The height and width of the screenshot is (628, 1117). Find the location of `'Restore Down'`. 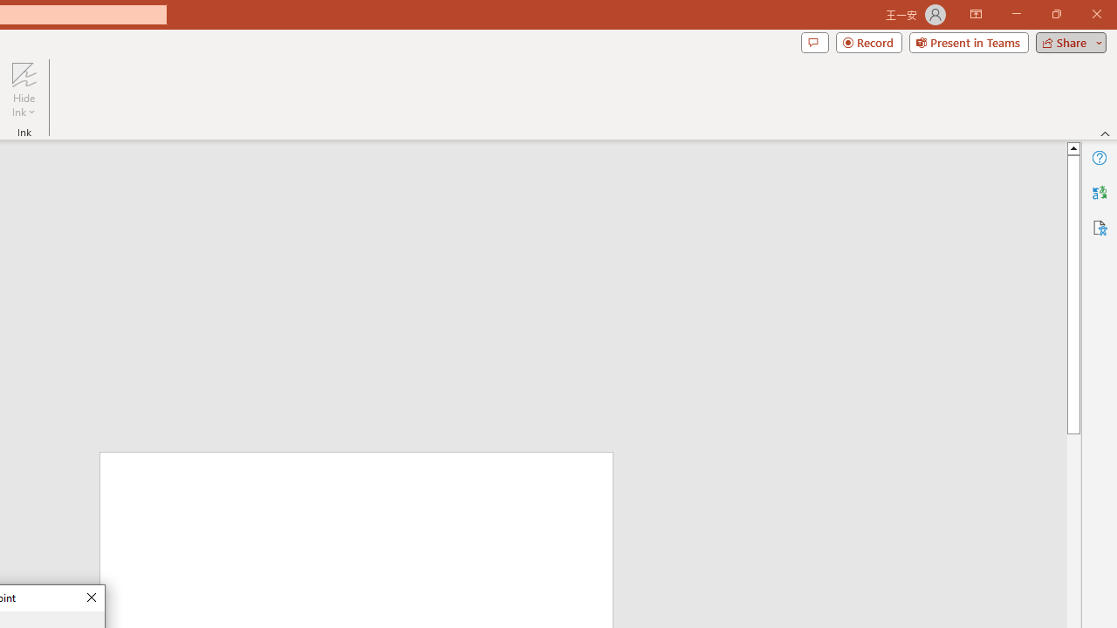

'Restore Down' is located at coordinates (1055, 14).